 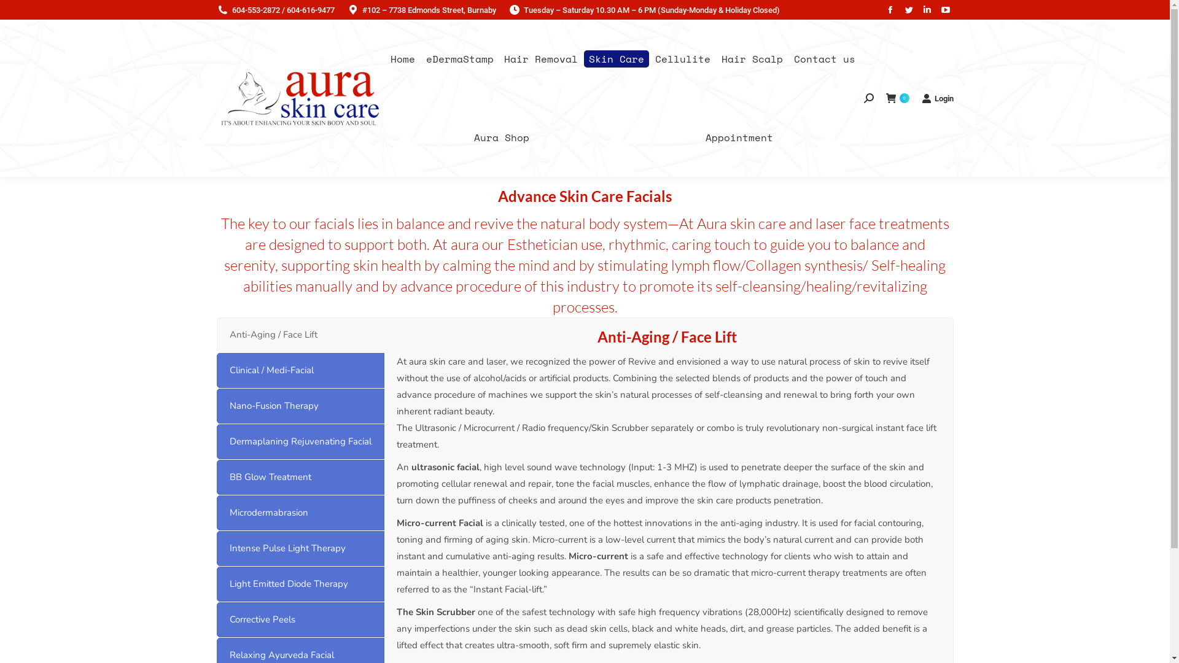 What do you see at coordinates (682, 59) in the screenshot?
I see `'Cellulite'` at bounding box center [682, 59].